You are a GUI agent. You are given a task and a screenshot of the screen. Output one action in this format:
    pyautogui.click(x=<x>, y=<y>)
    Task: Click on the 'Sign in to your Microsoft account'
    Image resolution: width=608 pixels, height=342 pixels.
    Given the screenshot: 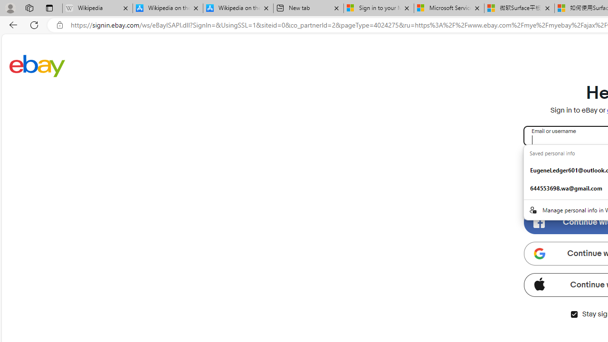 What is the action you would take?
    pyautogui.click(x=379, y=8)
    